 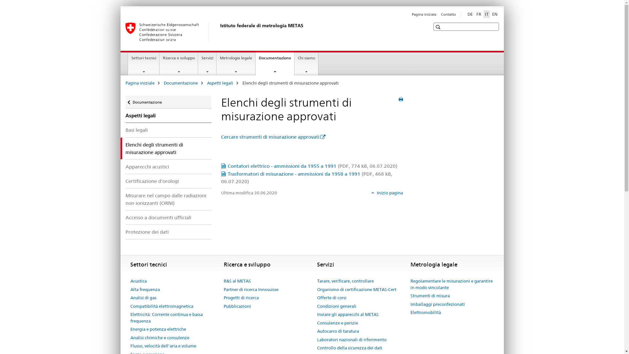 I want to click on 'Imballaggi preconfezionati', so click(x=437, y=305).